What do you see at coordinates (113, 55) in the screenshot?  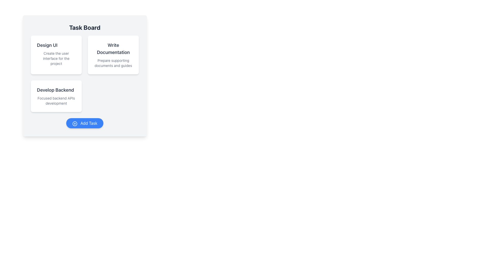 I see `the 'Write Documentation' card in the top right section of the grid layout` at bounding box center [113, 55].